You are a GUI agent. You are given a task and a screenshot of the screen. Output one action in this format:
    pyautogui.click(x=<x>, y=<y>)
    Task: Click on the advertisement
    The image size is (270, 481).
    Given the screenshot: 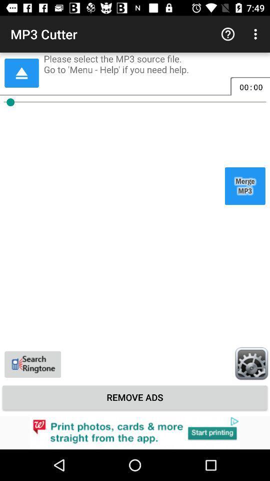 What is the action you would take?
    pyautogui.click(x=135, y=432)
    